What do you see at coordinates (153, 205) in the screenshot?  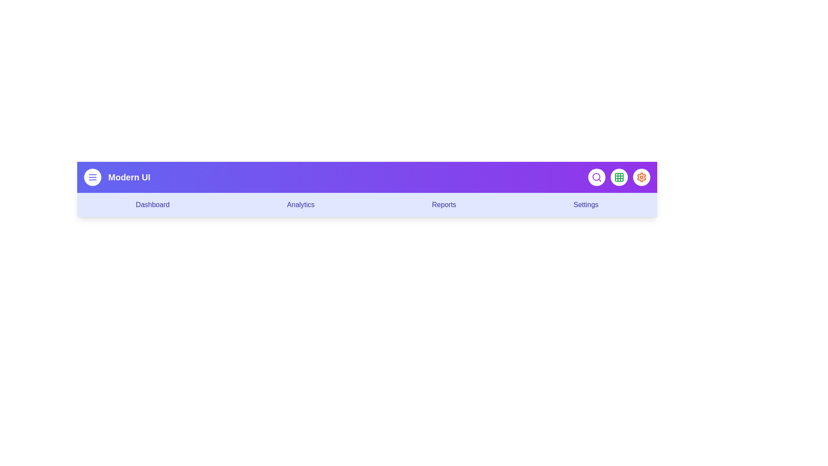 I see `the menu item corresponding to Dashboard` at bounding box center [153, 205].